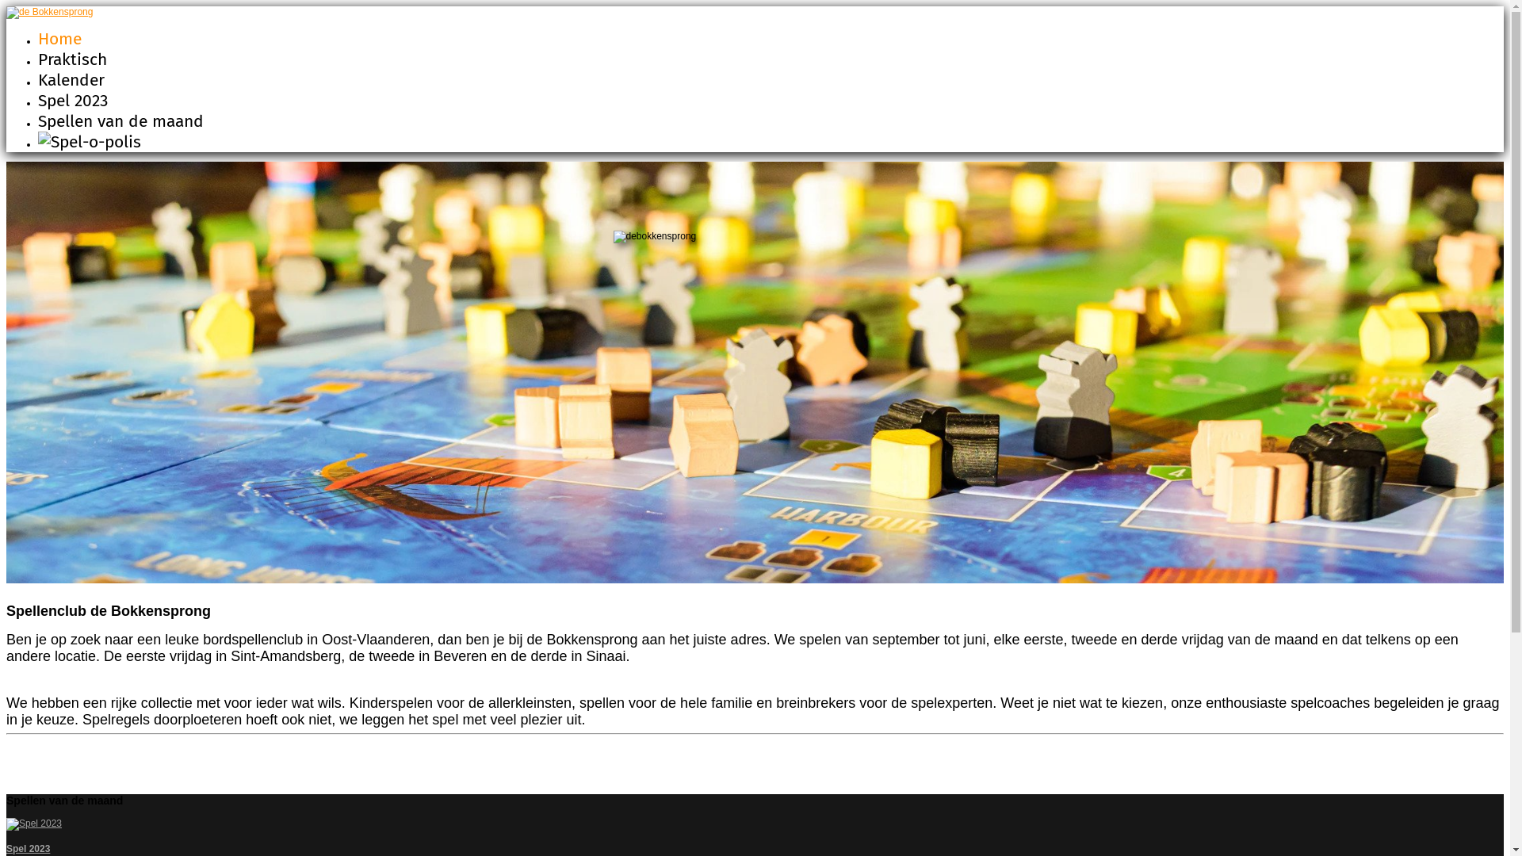 This screenshot has width=1522, height=856. Describe the element at coordinates (71, 58) in the screenshot. I see `'Praktisch'` at that location.